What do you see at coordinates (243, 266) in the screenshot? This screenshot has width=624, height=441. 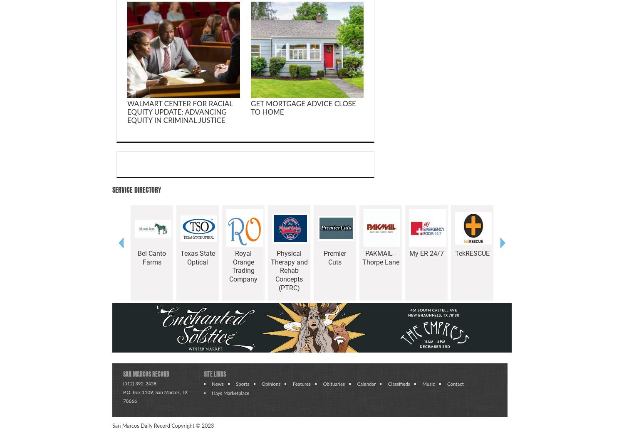 I see `'Royal Orange Trading Company'` at bounding box center [243, 266].